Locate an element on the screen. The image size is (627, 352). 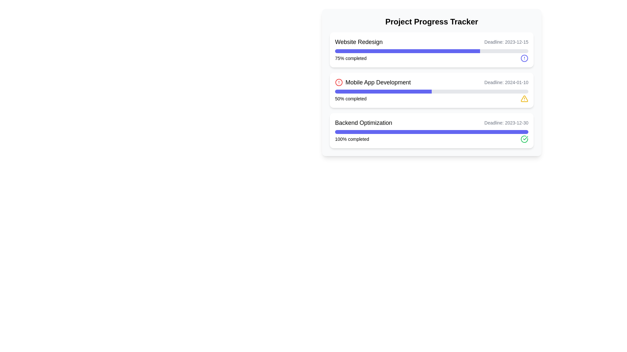
the horizontal progress bar with rounded ends, styled in light gray with a solid red filling, located within the 'Backend Optimization' card, just above the '100% completed' label is located at coordinates (431, 132).